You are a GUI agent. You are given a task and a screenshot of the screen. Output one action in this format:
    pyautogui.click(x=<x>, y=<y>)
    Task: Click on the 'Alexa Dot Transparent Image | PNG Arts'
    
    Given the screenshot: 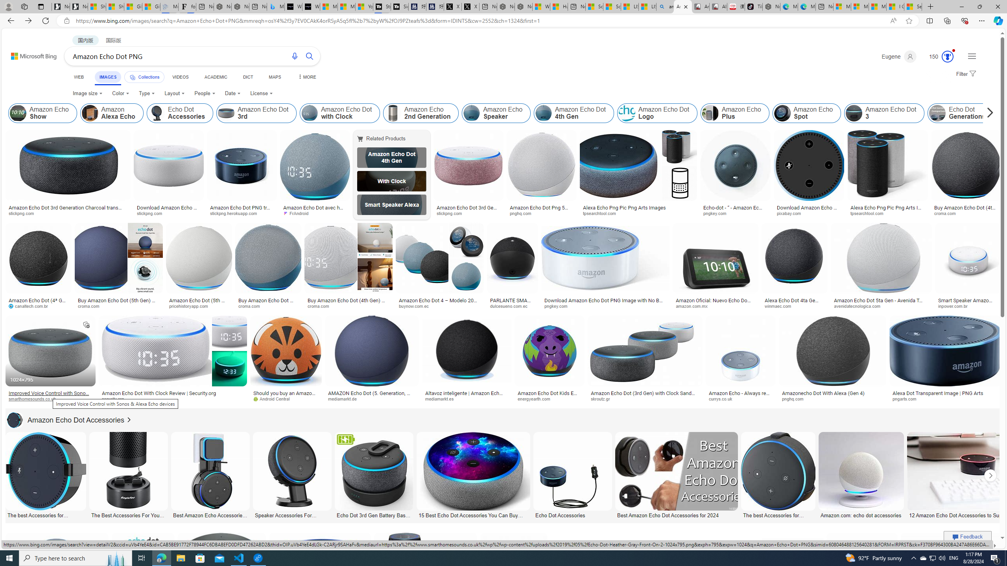 What is the action you would take?
    pyautogui.click(x=944, y=393)
    